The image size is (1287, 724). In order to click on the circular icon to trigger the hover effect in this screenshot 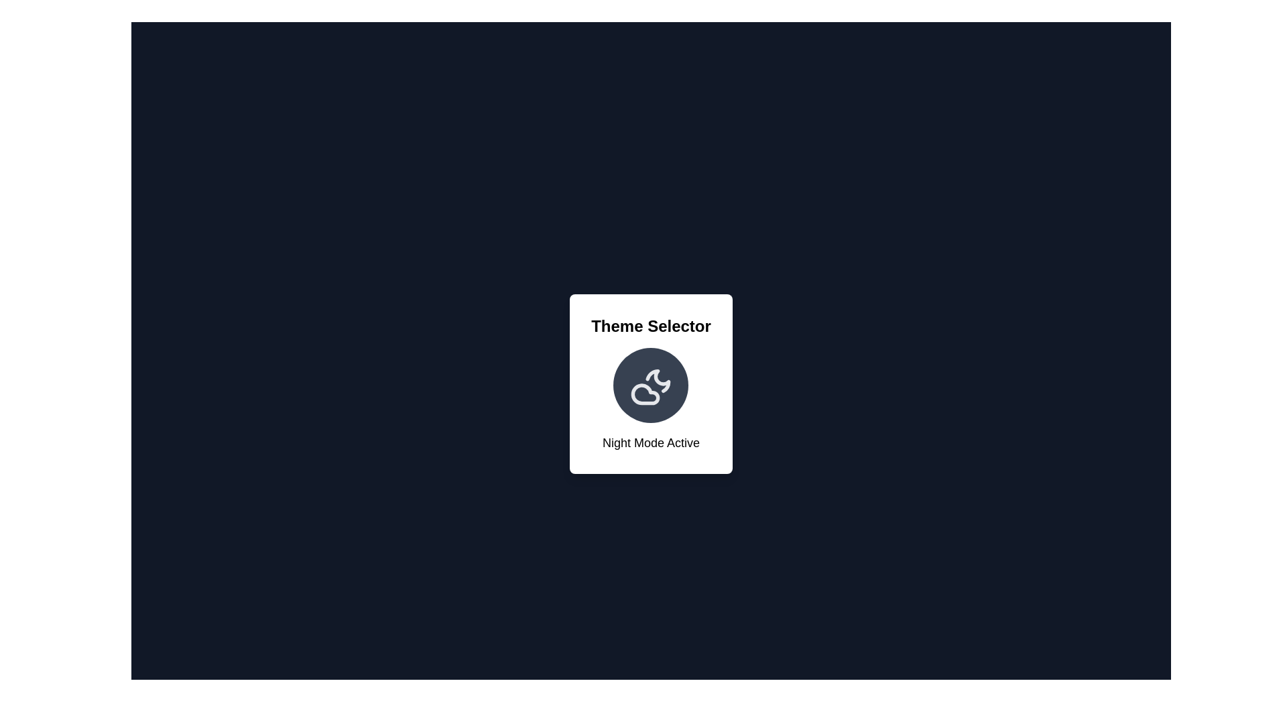, I will do `click(651, 385)`.